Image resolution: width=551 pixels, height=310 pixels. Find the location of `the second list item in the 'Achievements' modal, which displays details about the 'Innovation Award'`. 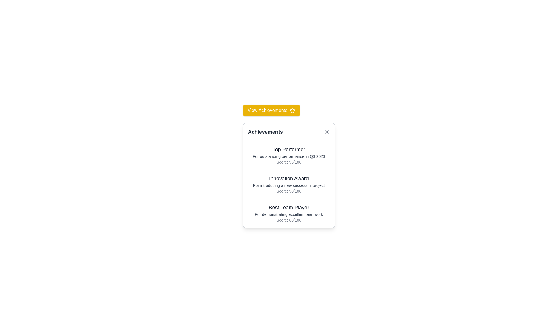

the second list item in the 'Achievements' modal, which displays details about the 'Innovation Award' is located at coordinates (289, 184).